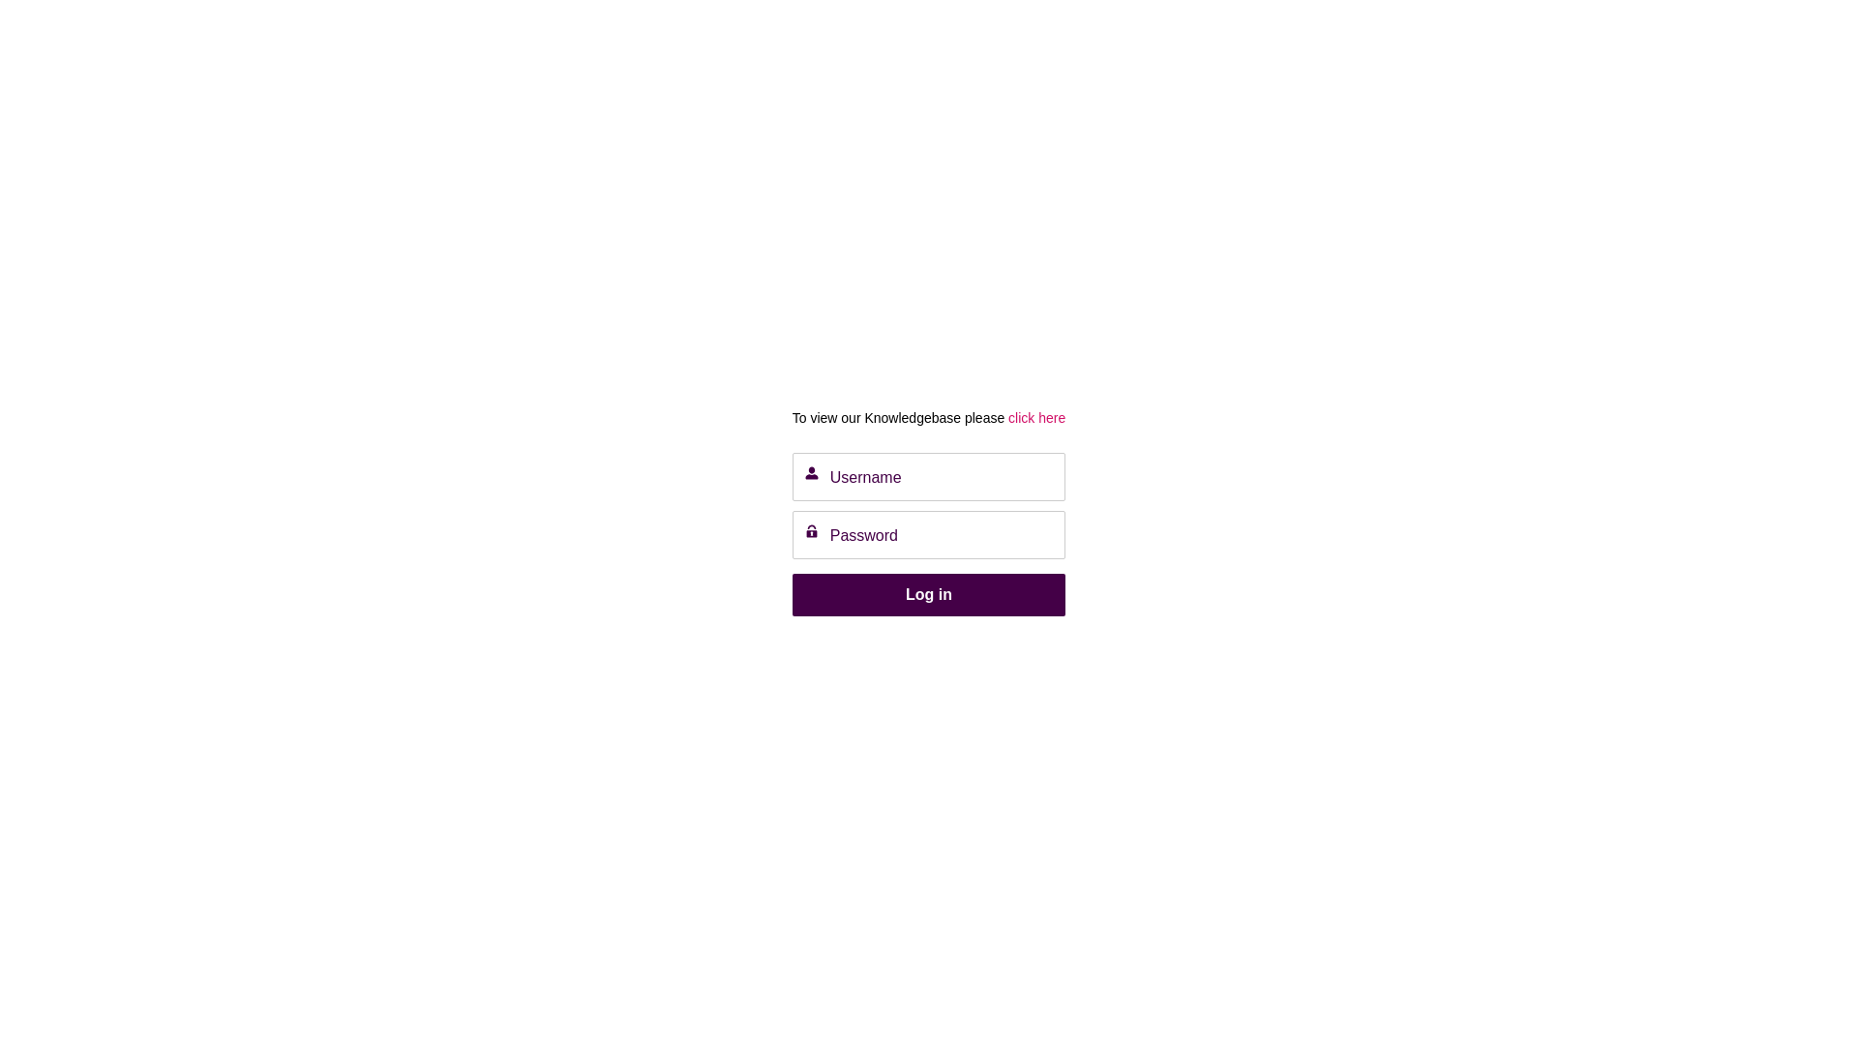 This screenshot has height=1045, width=1858. Describe the element at coordinates (929, 594) in the screenshot. I see `'Log in'` at that location.